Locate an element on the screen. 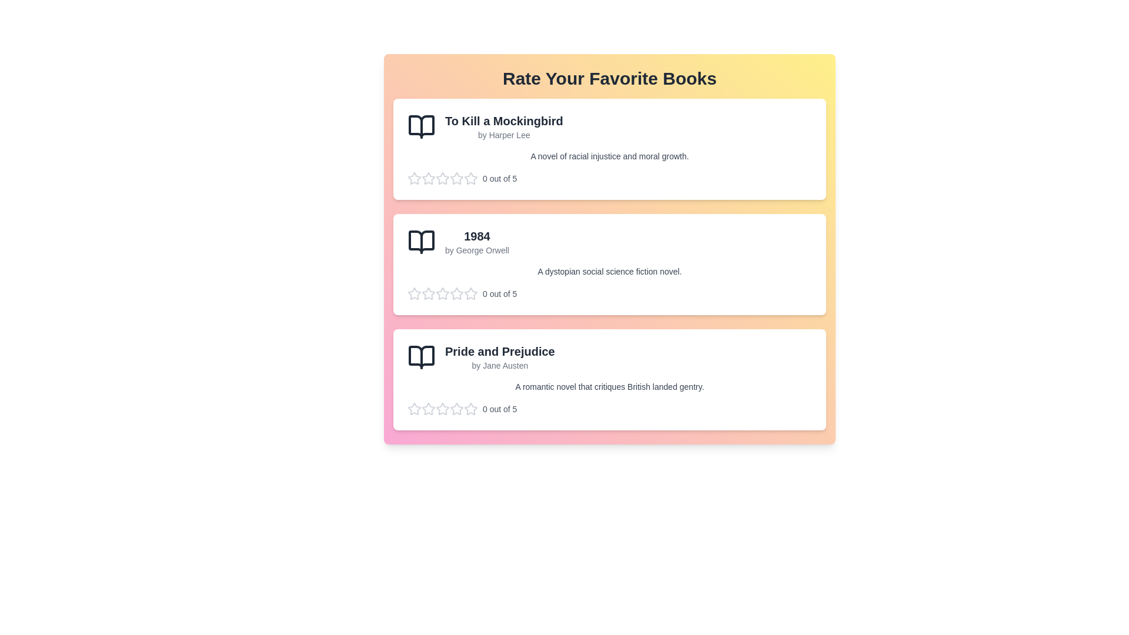 This screenshot has width=1129, height=635. the first star-shaped rating icon on the rating system for the book 'Pride and Prejudice' is located at coordinates (442, 408).